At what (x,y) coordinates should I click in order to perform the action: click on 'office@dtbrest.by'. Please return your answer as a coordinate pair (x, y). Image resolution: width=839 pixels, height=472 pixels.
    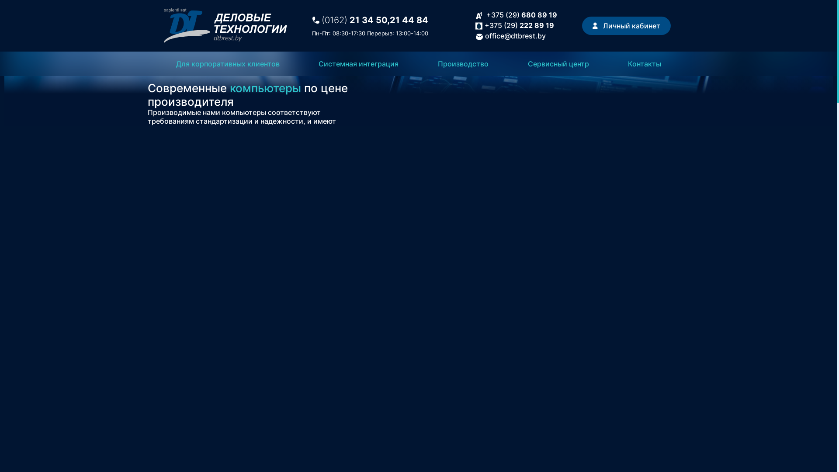
    Looking at the image, I should click on (515, 35).